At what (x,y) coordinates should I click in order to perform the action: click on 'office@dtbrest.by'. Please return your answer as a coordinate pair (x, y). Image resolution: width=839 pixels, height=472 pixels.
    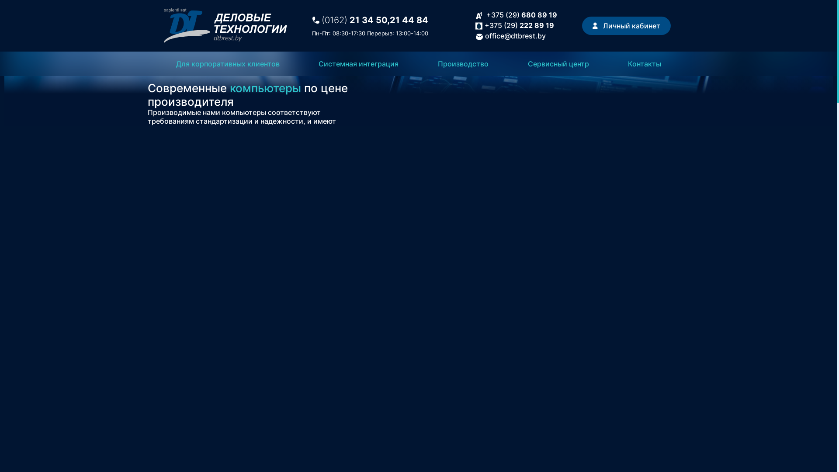
    Looking at the image, I should click on (515, 35).